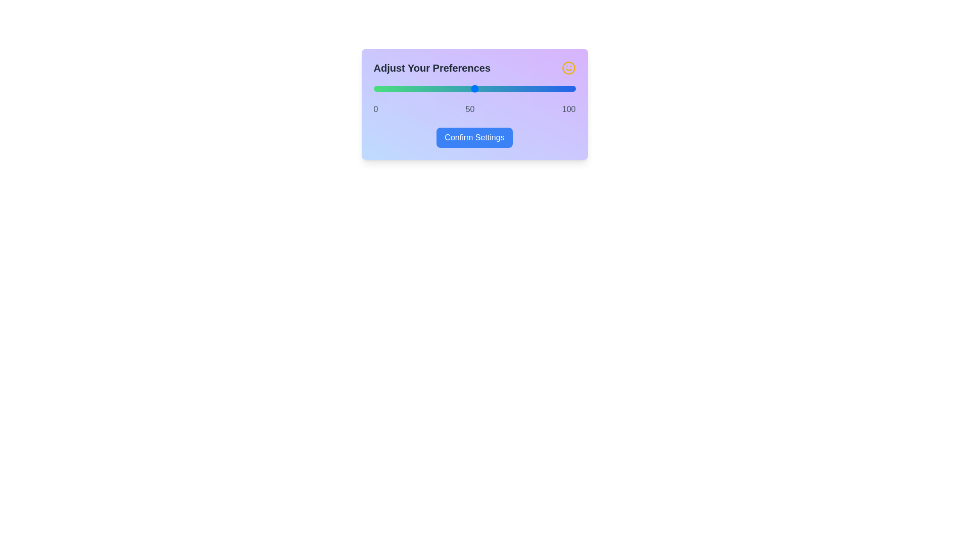 The image size is (970, 545). I want to click on the slider to set the value to 40, so click(454, 88).